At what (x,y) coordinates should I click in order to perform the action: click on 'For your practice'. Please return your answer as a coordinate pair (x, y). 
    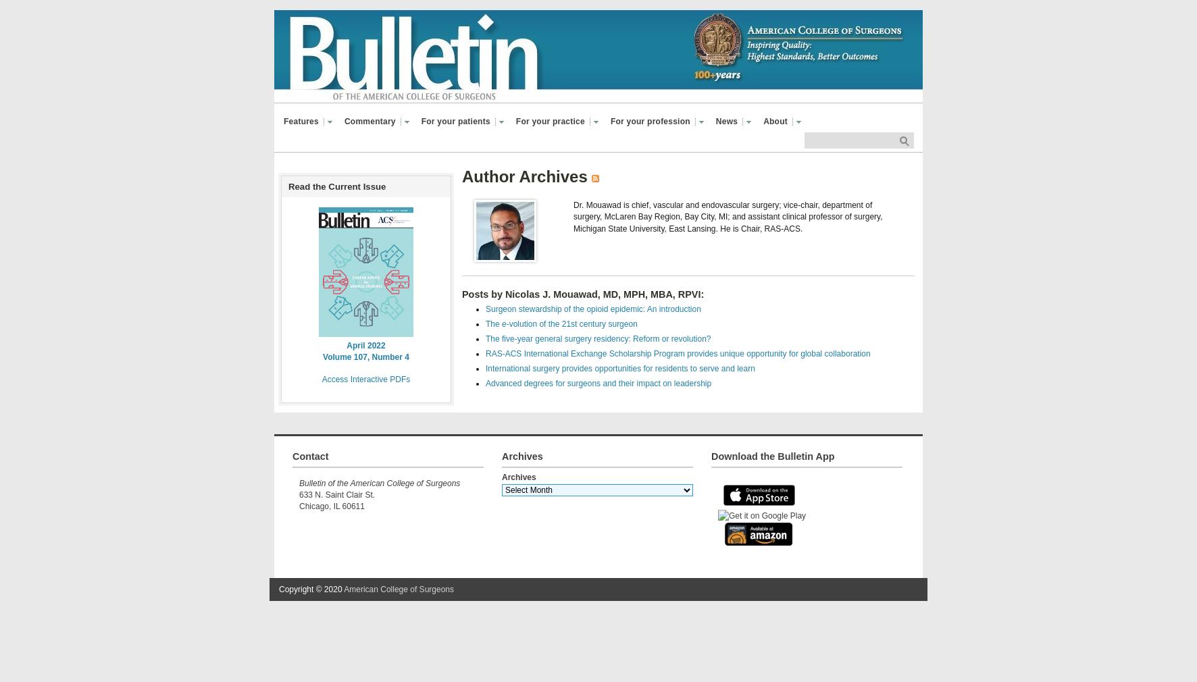
    Looking at the image, I should click on (550, 120).